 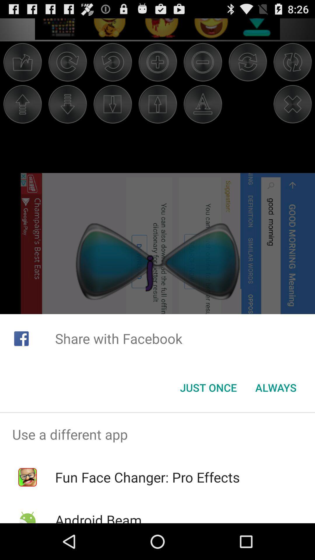 I want to click on the app above the android beam, so click(x=147, y=477).